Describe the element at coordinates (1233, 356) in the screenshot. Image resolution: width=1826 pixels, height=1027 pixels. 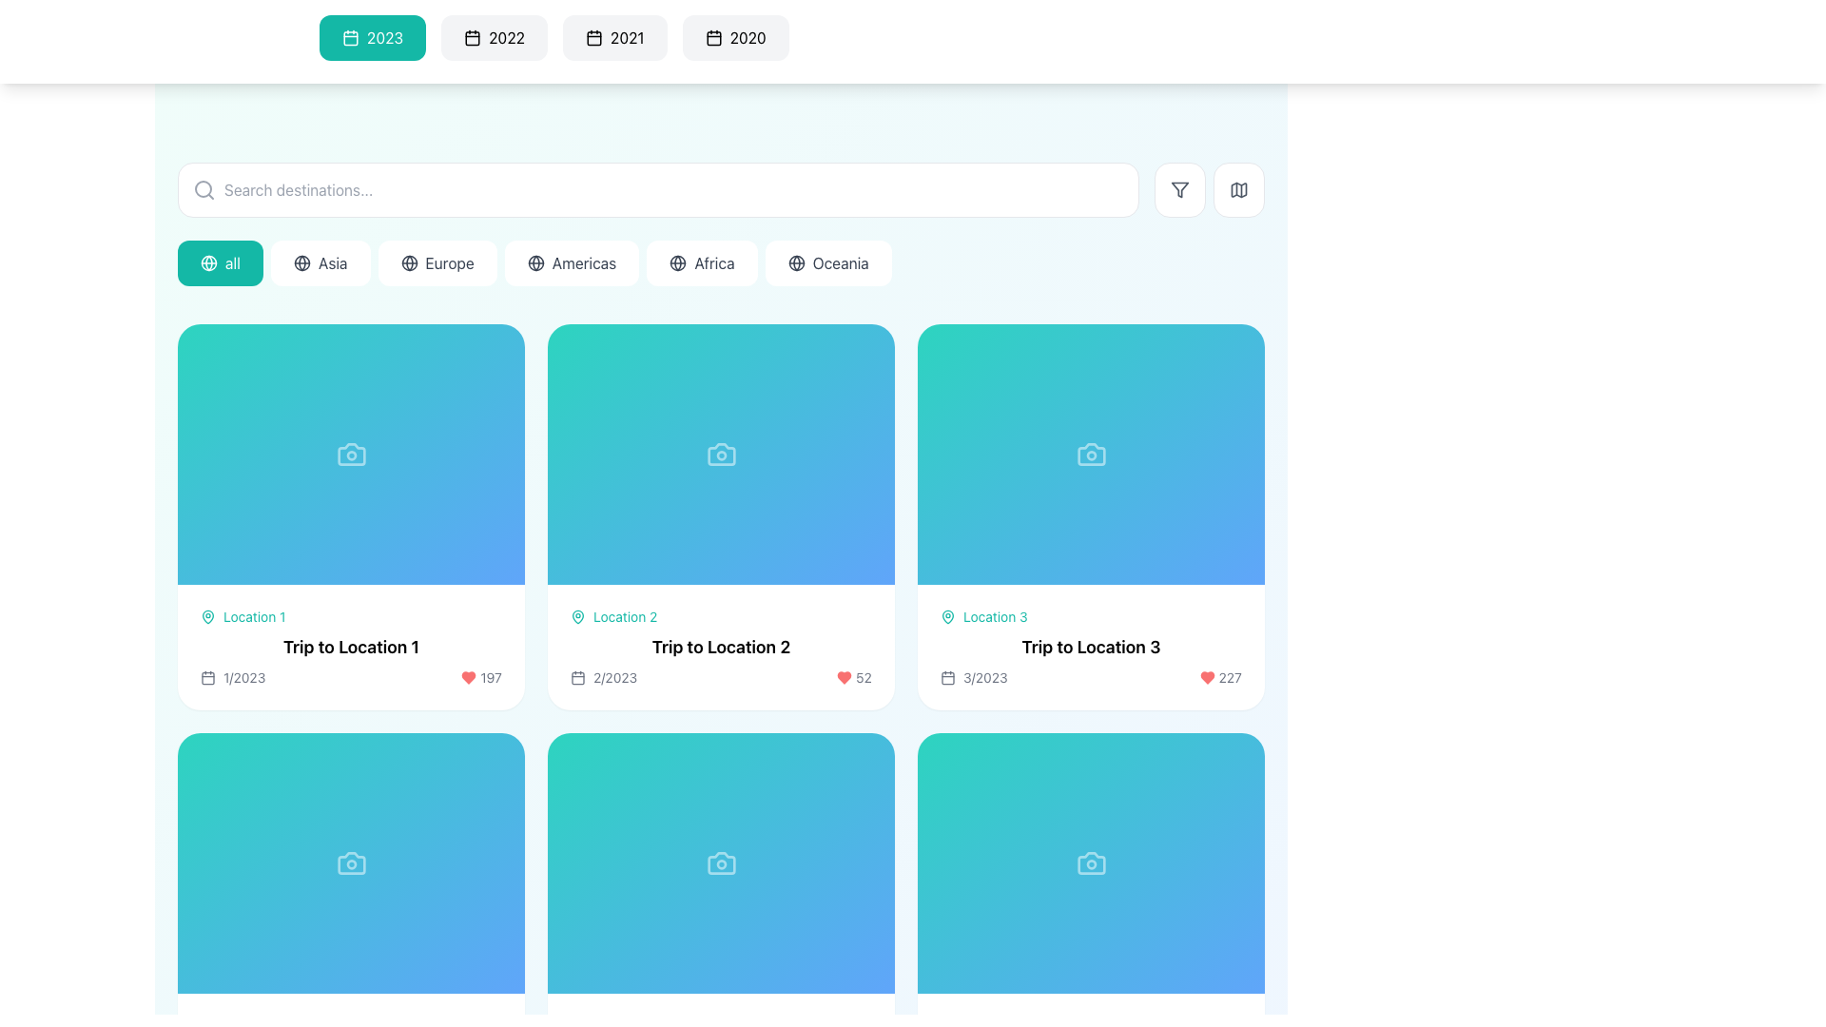
I see `the circular sharing button located in the top-right corner of the interface to observe the hover effect` at that location.